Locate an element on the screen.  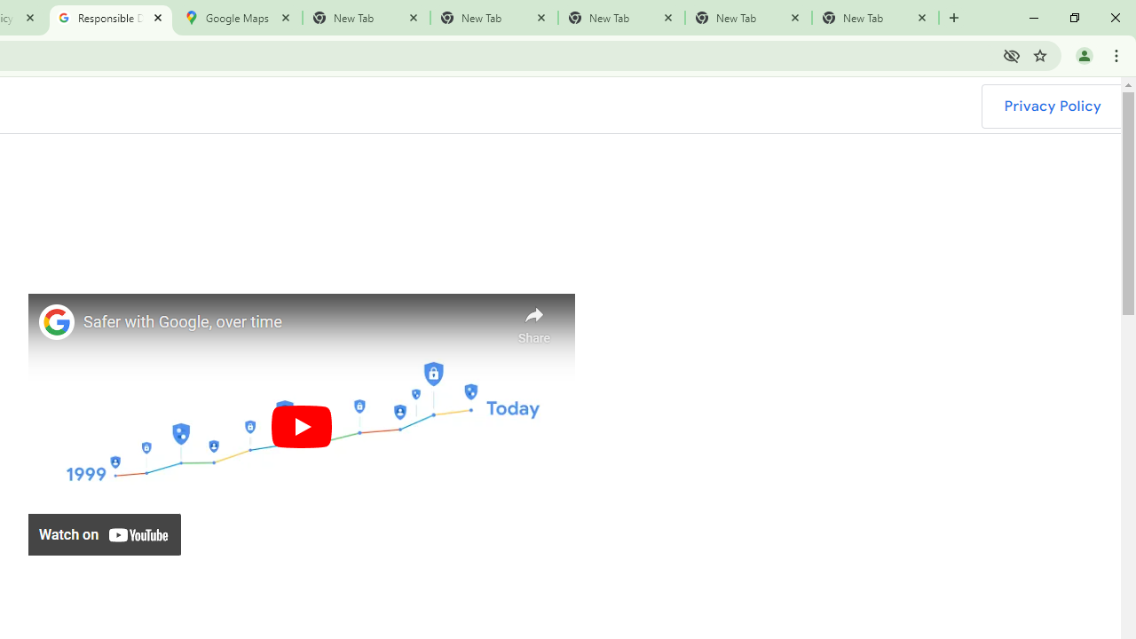
'Third-party cookies blocked' is located at coordinates (1011, 54).